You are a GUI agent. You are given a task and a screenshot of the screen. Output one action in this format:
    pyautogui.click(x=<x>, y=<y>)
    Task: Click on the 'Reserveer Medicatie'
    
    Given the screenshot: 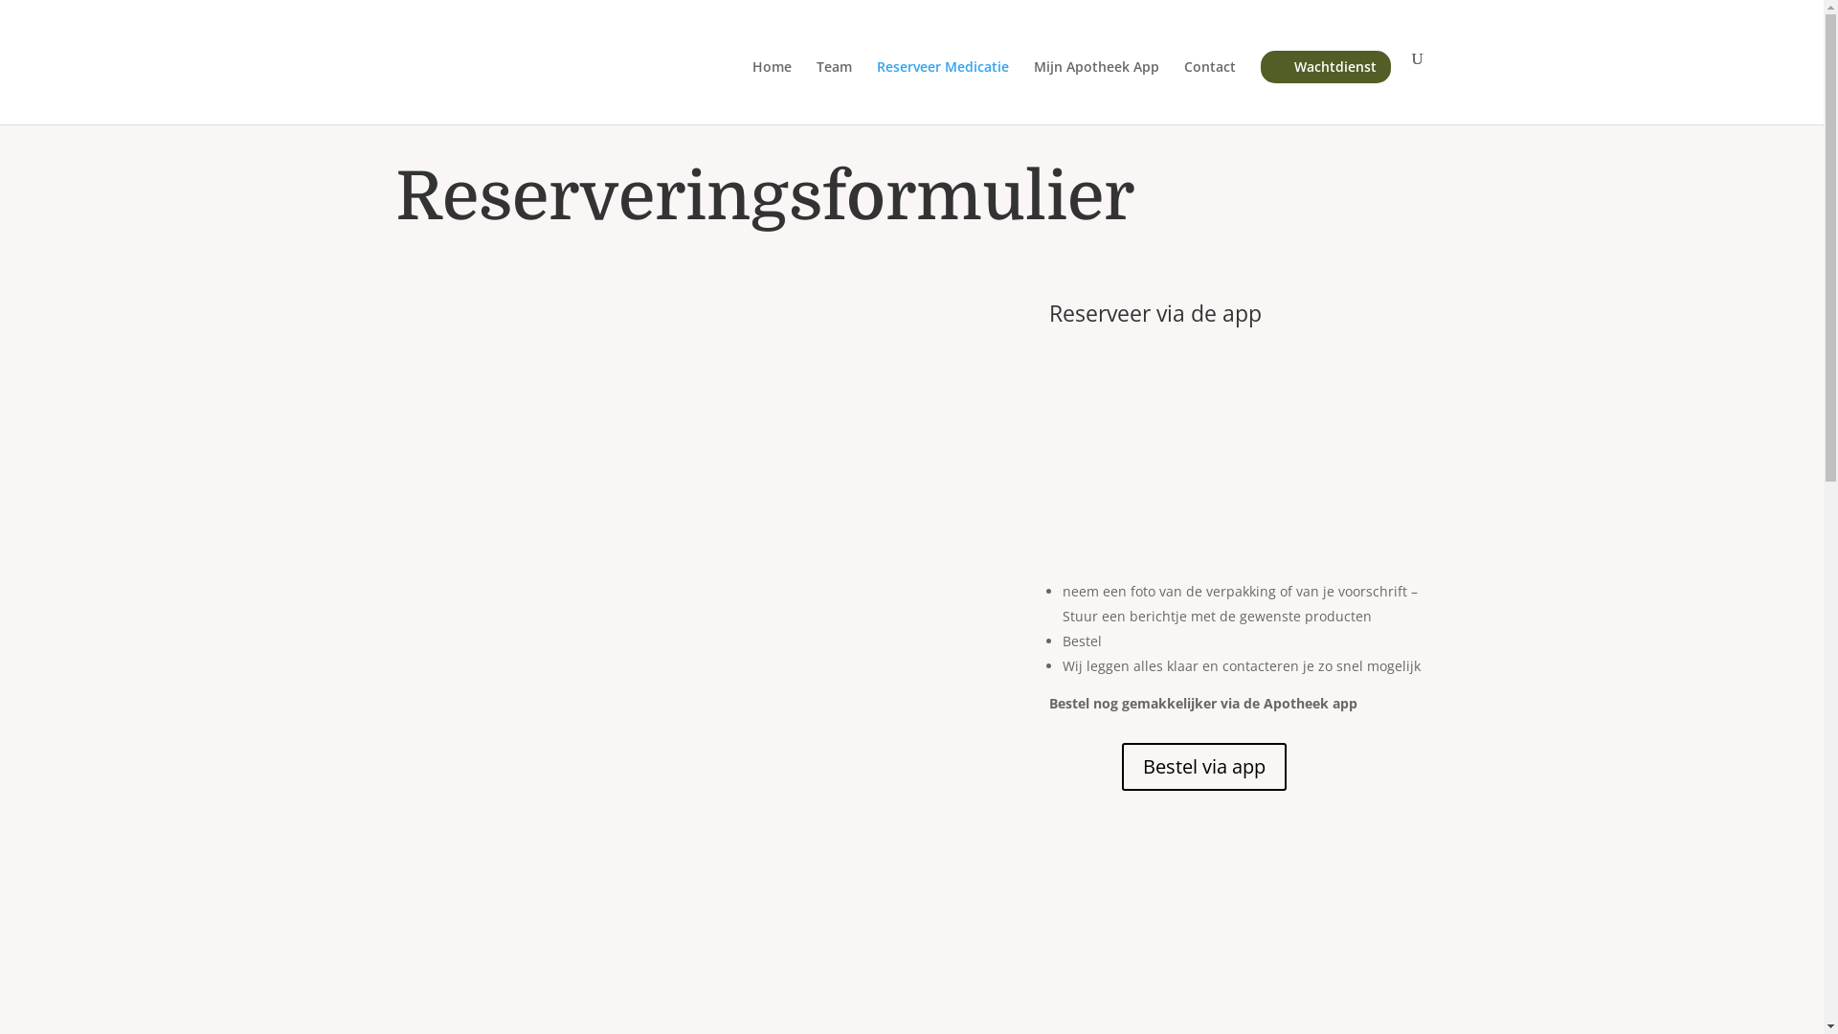 What is the action you would take?
    pyautogui.click(x=876, y=92)
    